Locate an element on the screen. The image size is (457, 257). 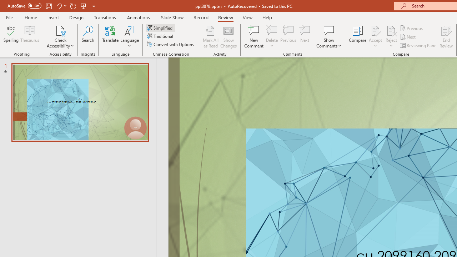
'Previous' is located at coordinates (412, 28).